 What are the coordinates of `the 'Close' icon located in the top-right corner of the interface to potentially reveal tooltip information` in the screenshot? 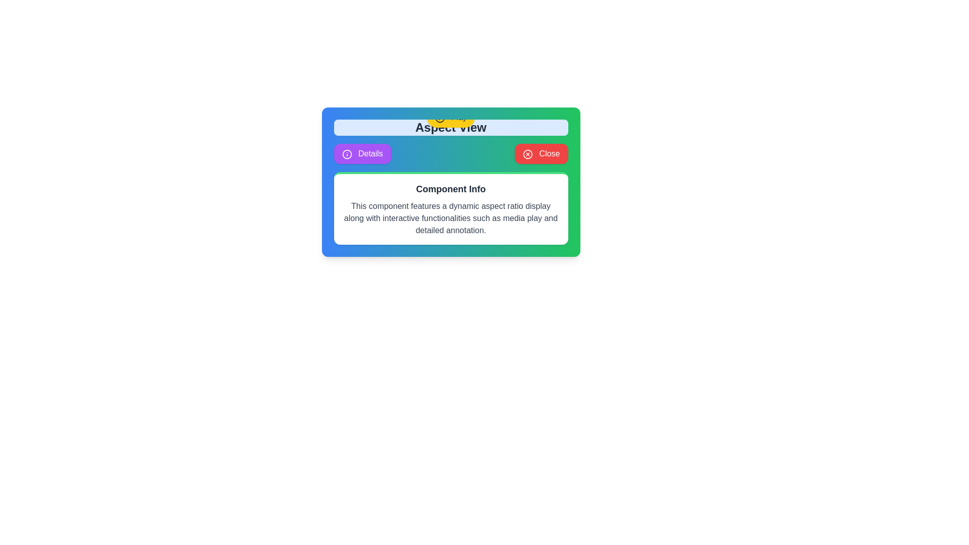 It's located at (527, 154).